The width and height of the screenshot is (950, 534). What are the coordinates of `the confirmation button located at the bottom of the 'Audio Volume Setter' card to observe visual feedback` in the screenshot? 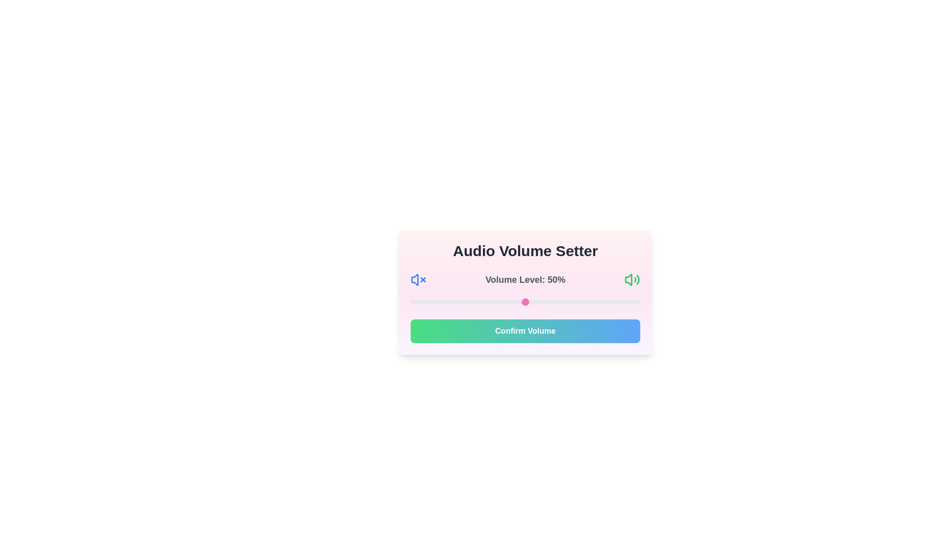 It's located at (524, 331).